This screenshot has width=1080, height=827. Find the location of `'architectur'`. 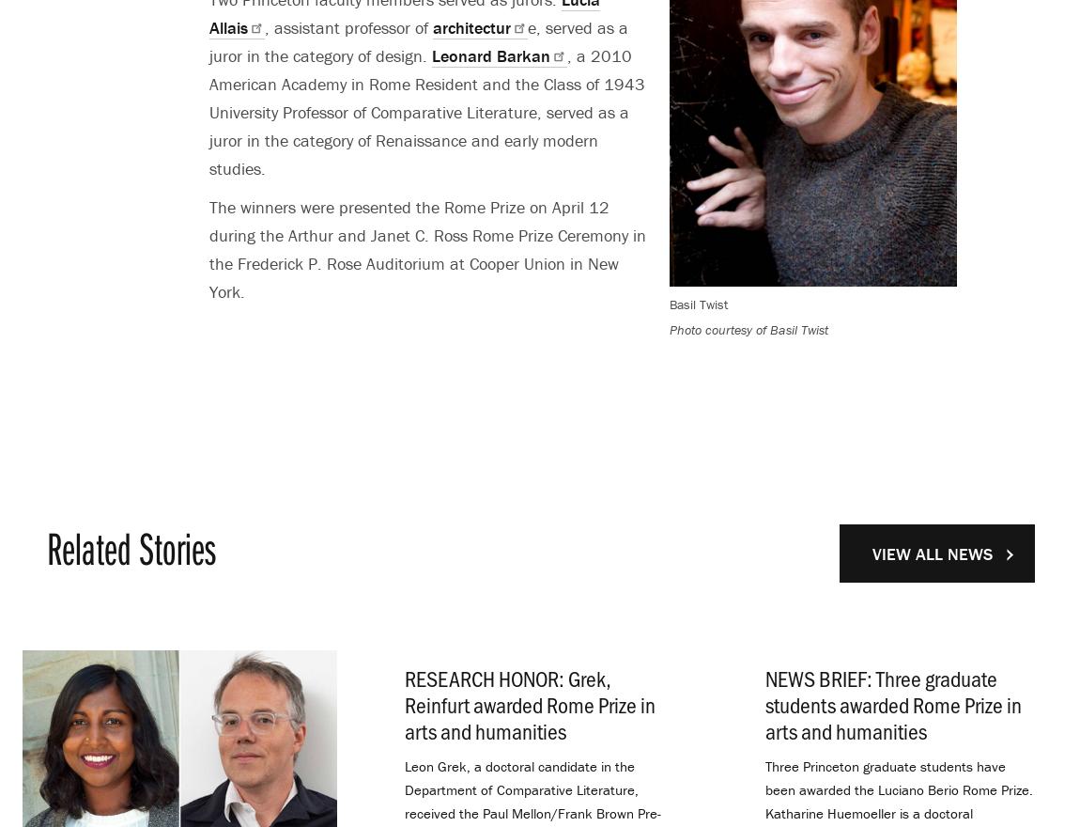

'architectur' is located at coordinates (471, 25).